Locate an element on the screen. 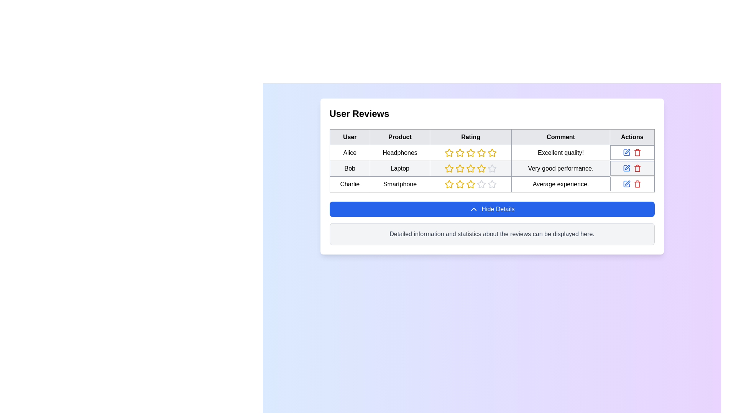 This screenshot has height=414, width=736. the first star icon is located at coordinates (449, 153).